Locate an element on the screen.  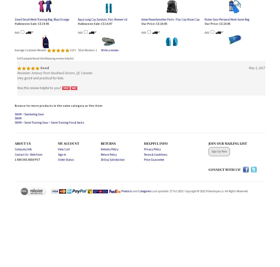
'Delivery Policy' is located at coordinates (109, 149).